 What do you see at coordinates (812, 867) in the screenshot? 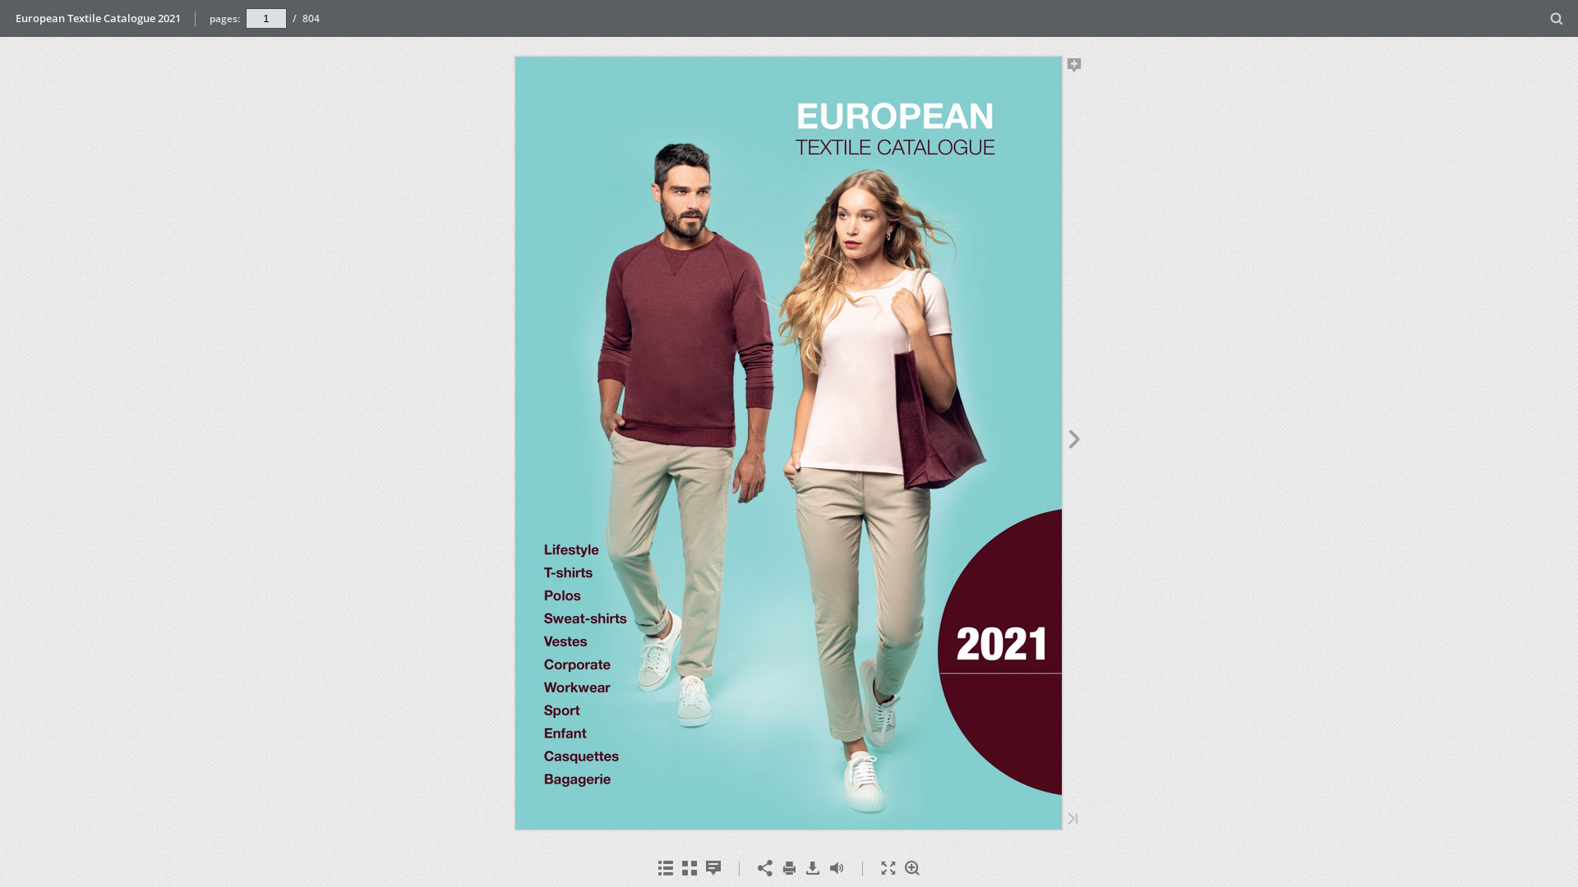
I see `'Download'` at bounding box center [812, 867].